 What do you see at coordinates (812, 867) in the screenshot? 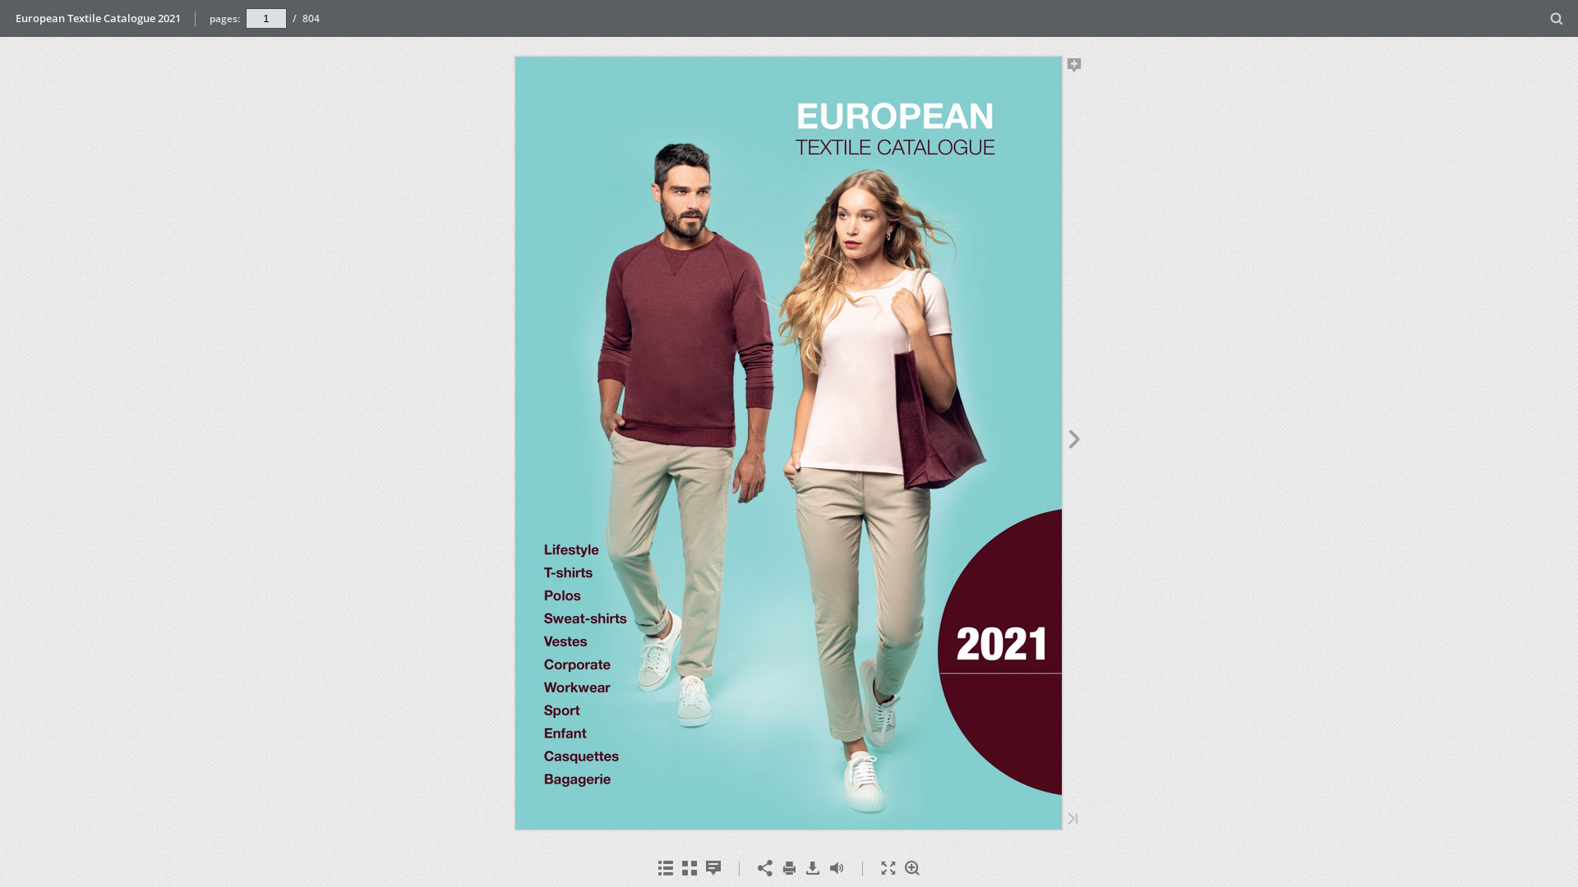
I see `'Download'` at bounding box center [812, 867].